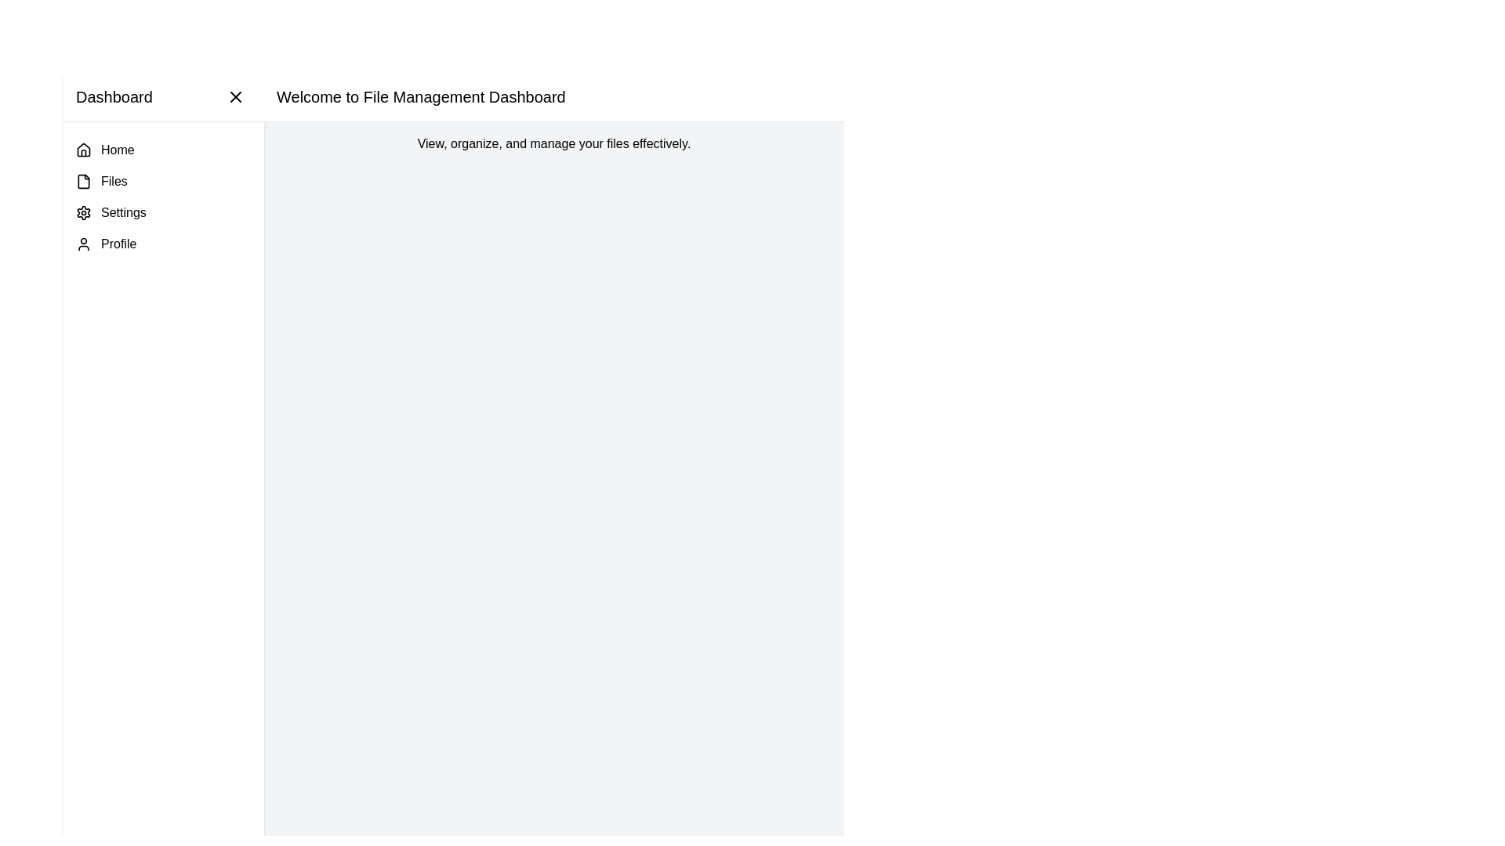 The image size is (1505, 846). Describe the element at coordinates (553, 144) in the screenshot. I see `the static text element displaying 'View, organize, and manage your files effectively.' located in the upper middle region of the main content area below the heading 'Welcome to File Management Dashboard.'` at that location.